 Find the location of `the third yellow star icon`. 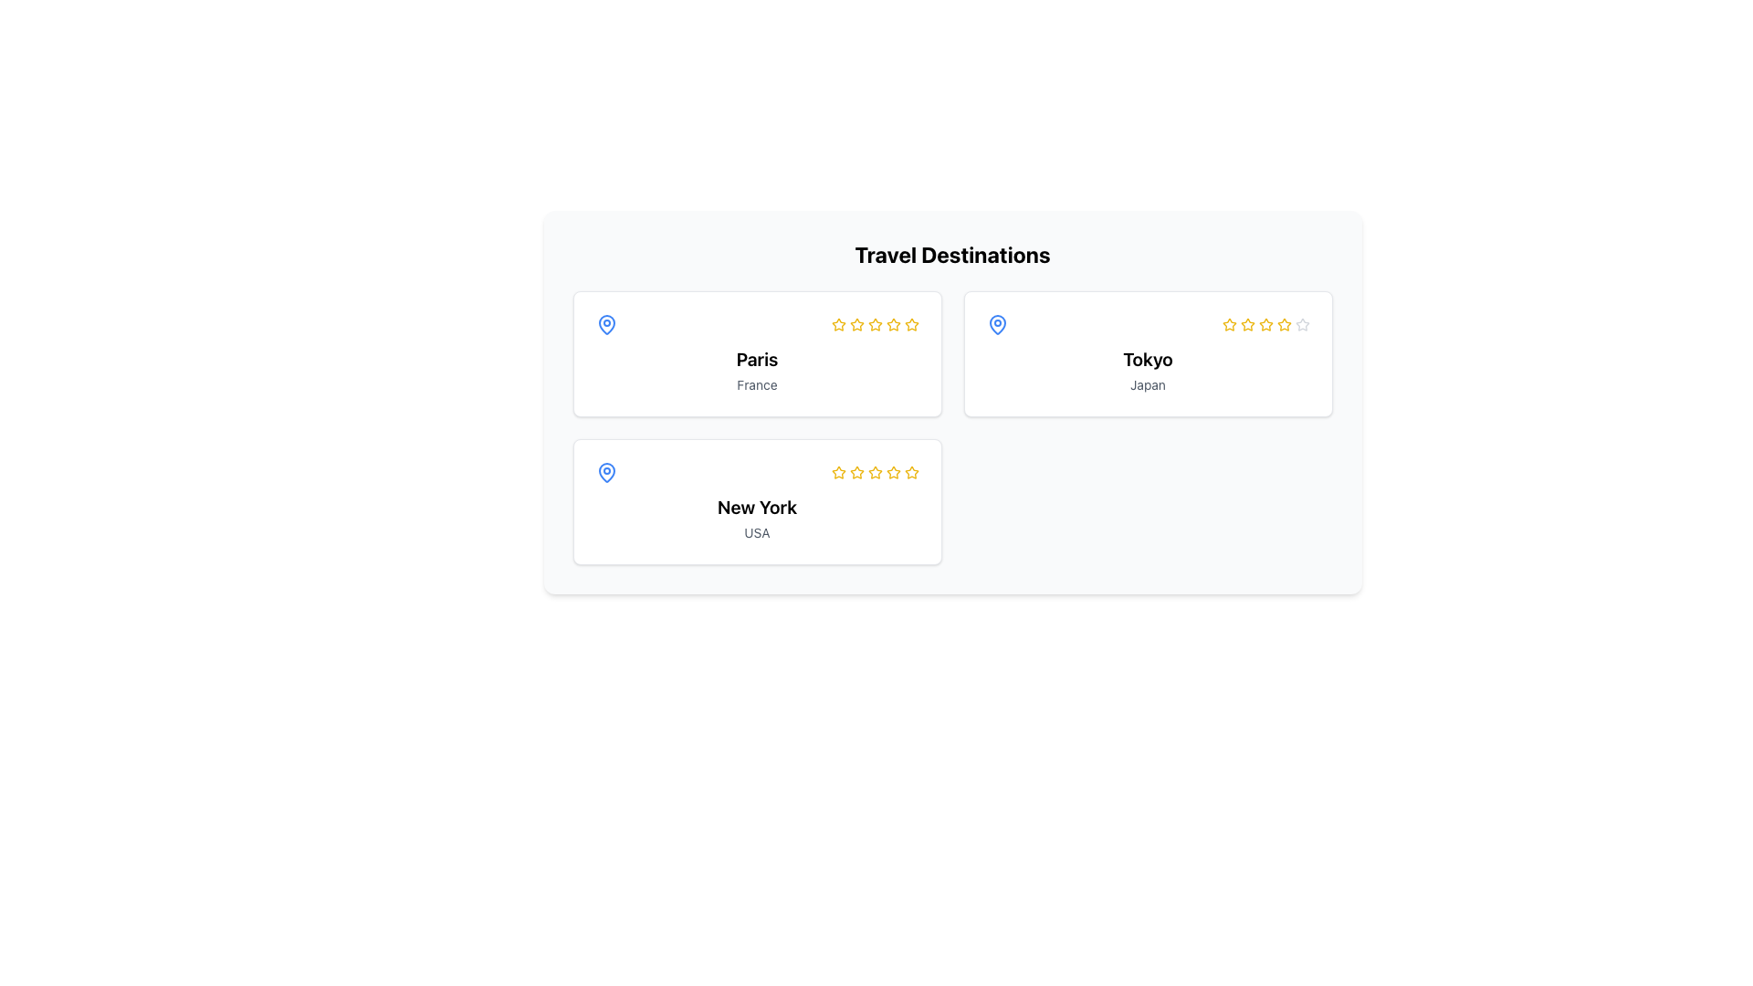

the third yellow star icon is located at coordinates (911, 323).